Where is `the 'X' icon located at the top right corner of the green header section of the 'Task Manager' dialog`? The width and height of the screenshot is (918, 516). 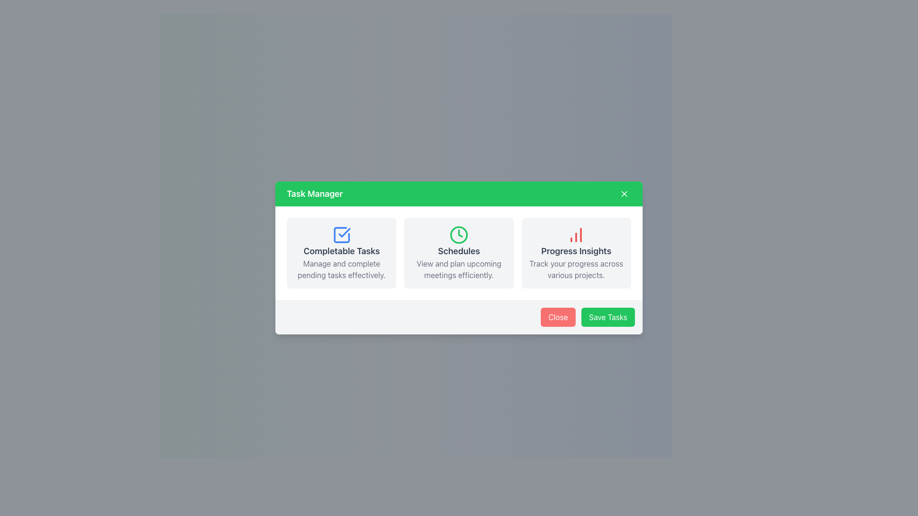 the 'X' icon located at the top right corner of the green header section of the 'Task Manager' dialog is located at coordinates (624, 193).